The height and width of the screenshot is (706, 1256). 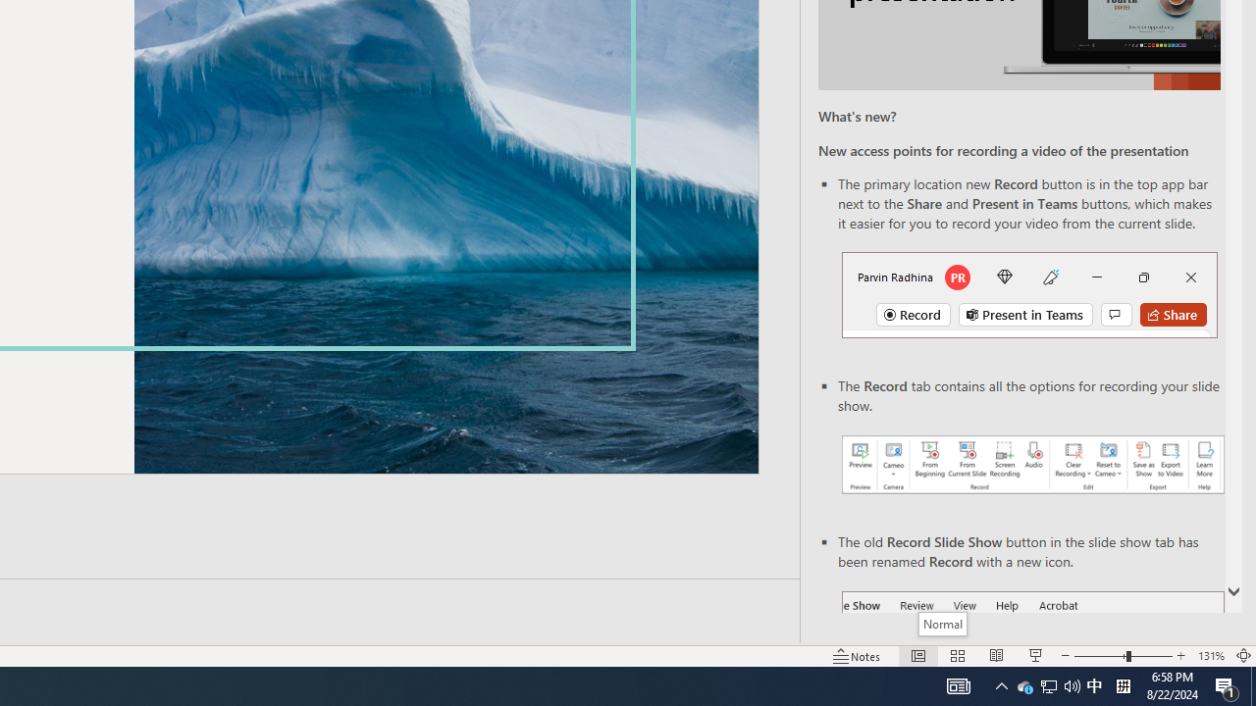 I want to click on 'Record your presentations screenshot one', so click(x=1031, y=465).